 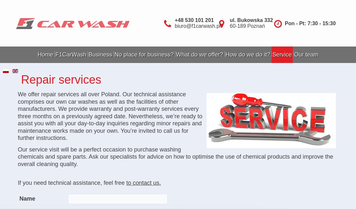 I want to click on 'Business', so click(x=100, y=54).